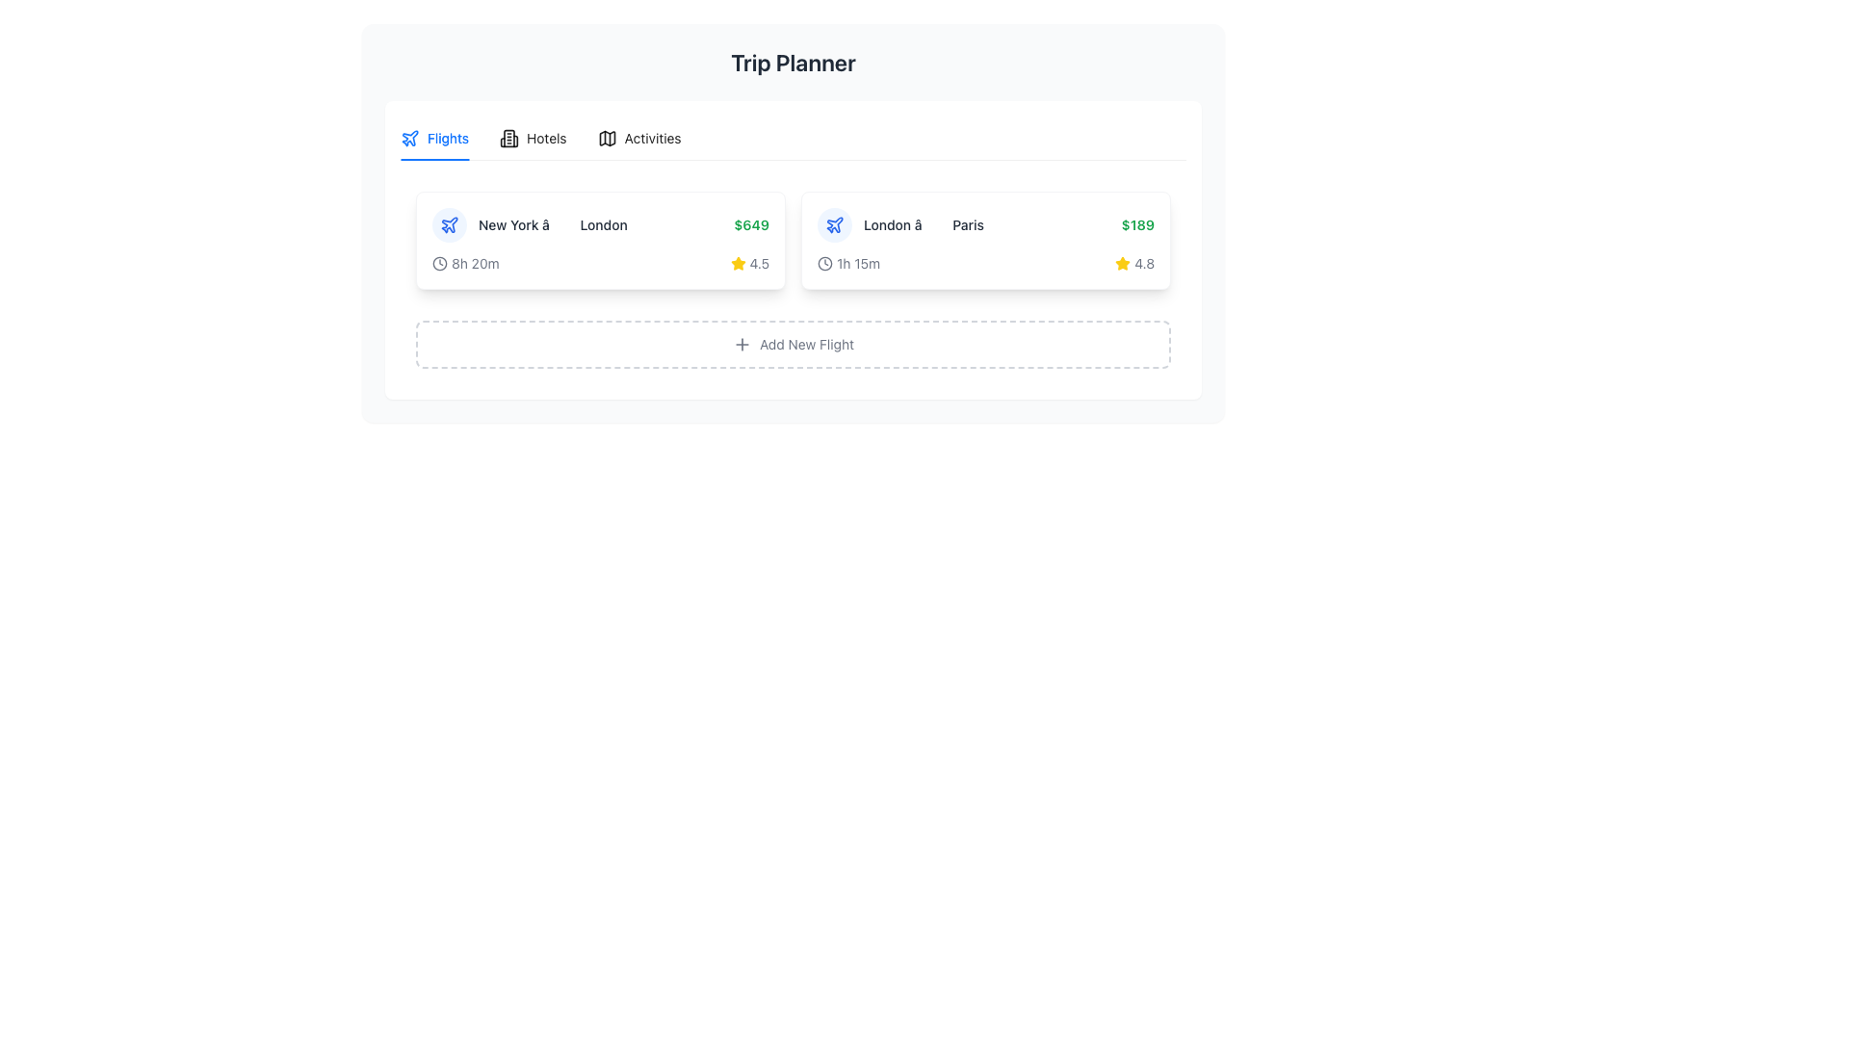 The image size is (1849, 1040). Describe the element at coordinates (750, 224) in the screenshot. I see `the static text displaying the cost of the flight from New York to London, which is located under the 'Flights' tab, towards the right end of the segment` at that location.